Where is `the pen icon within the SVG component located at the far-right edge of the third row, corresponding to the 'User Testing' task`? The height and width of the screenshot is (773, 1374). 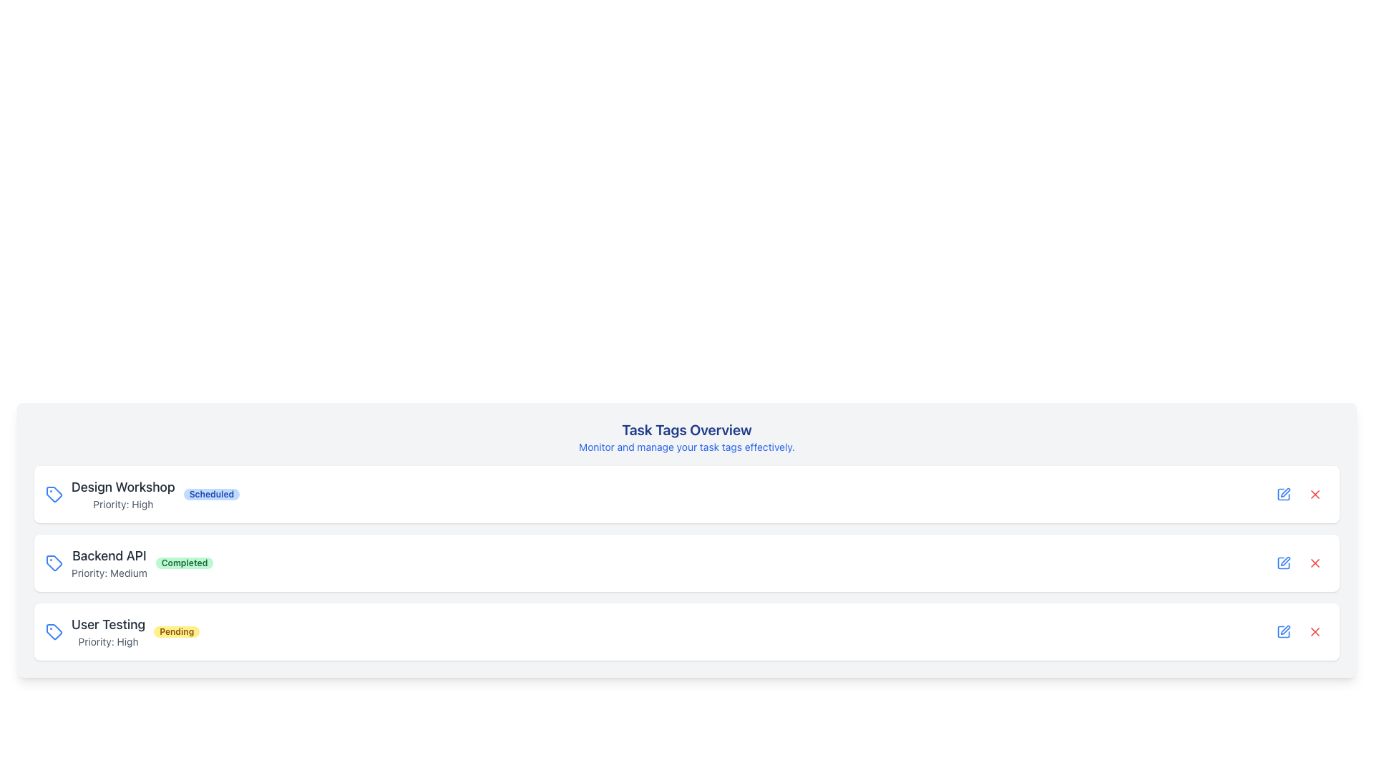 the pen icon within the SVG component located at the far-right edge of the third row, corresponding to the 'User Testing' task is located at coordinates (1285, 560).